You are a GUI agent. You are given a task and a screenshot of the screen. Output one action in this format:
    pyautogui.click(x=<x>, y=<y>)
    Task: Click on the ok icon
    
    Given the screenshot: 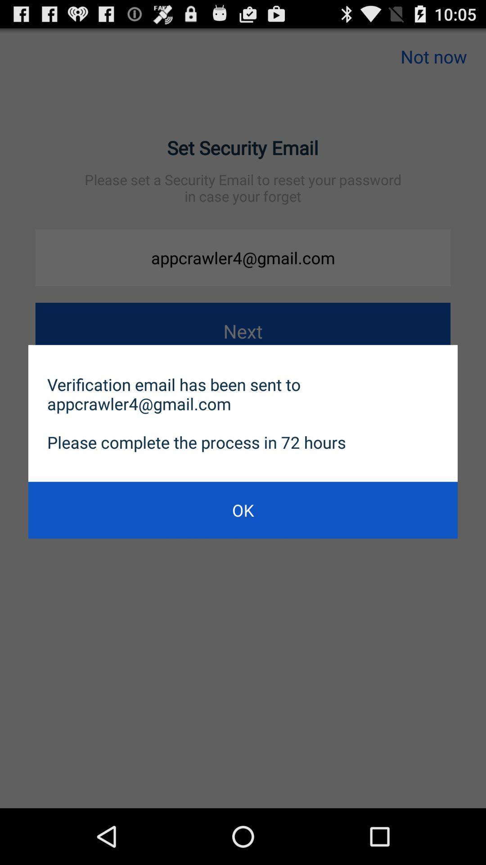 What is the action you would take?
    pyautogui.click(x=243, y=510)
    